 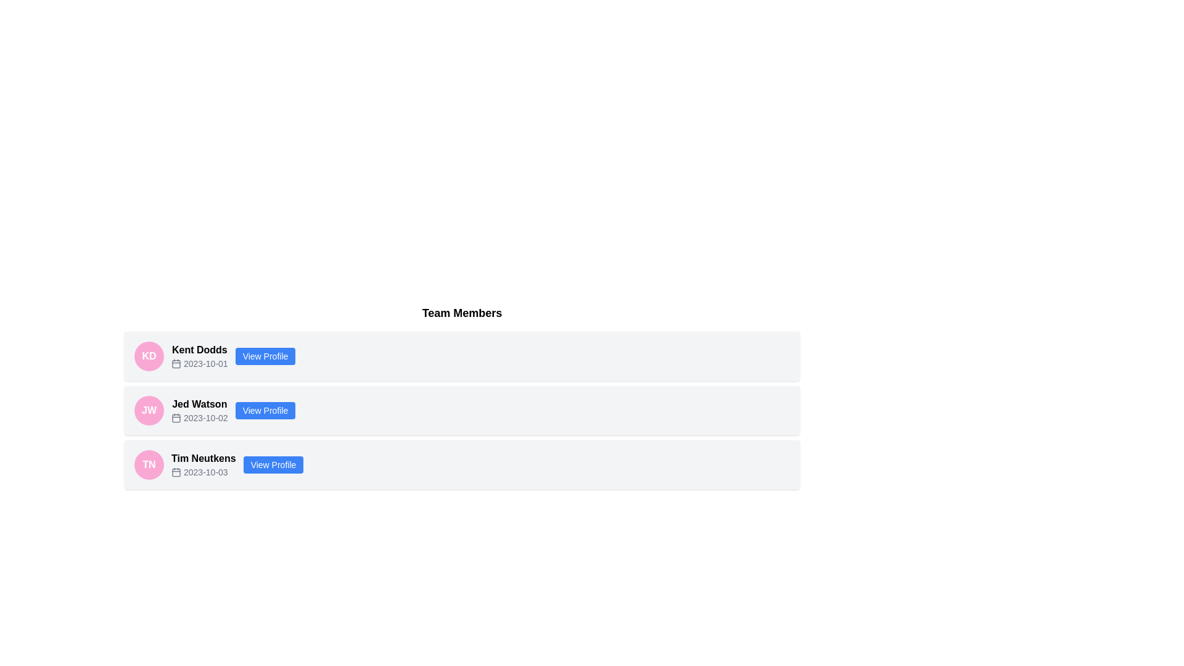 I want to click on the multiline text element displaying the member's name 'Jed Watson' and the date '2023-10-02', located in the second row under 'Team Members', next to the avatar 'JW', so click(x=199, y=411).